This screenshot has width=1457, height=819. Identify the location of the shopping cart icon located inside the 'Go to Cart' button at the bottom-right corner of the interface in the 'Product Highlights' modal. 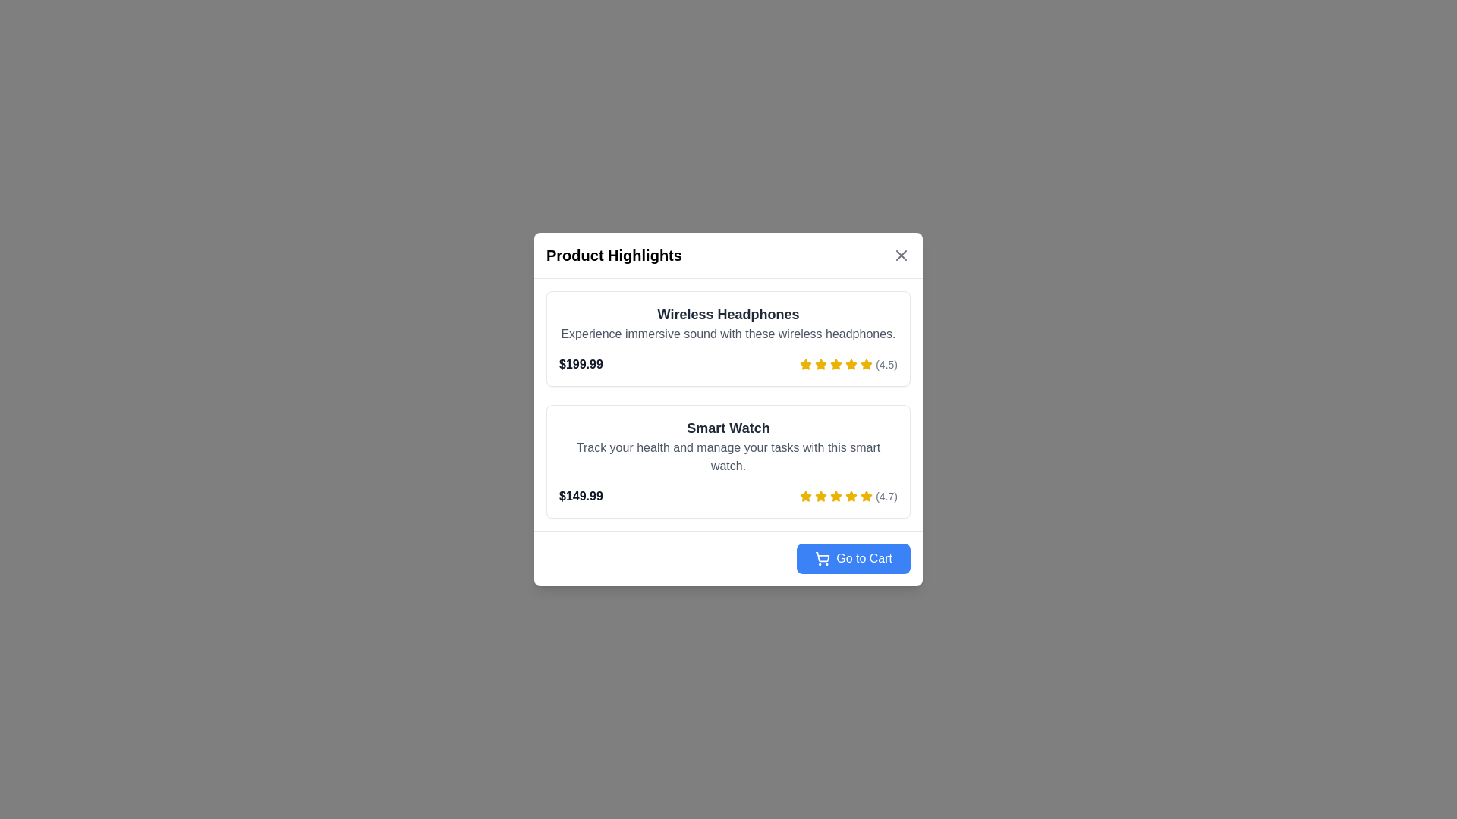
(822, 558).